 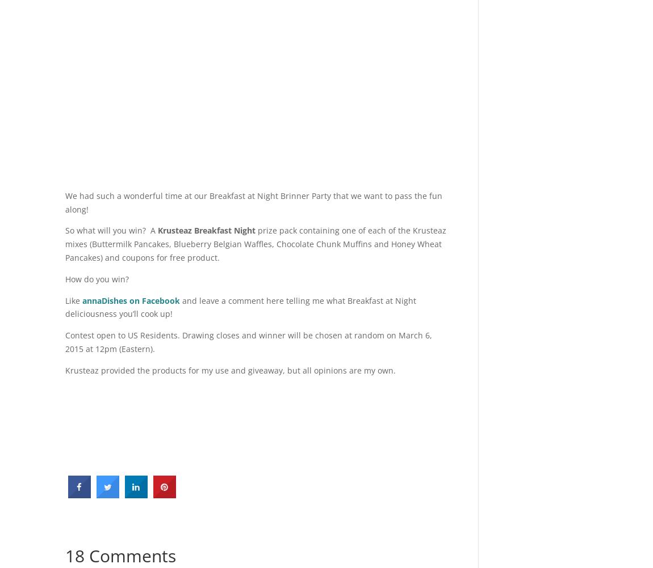 What do you see at coordinates (65, 307) in the screenshot?
I see `'and leave a comment here telling me what Breakfast at Night deliciousness you’ll cook up!'` at bounding box center [65, 307].